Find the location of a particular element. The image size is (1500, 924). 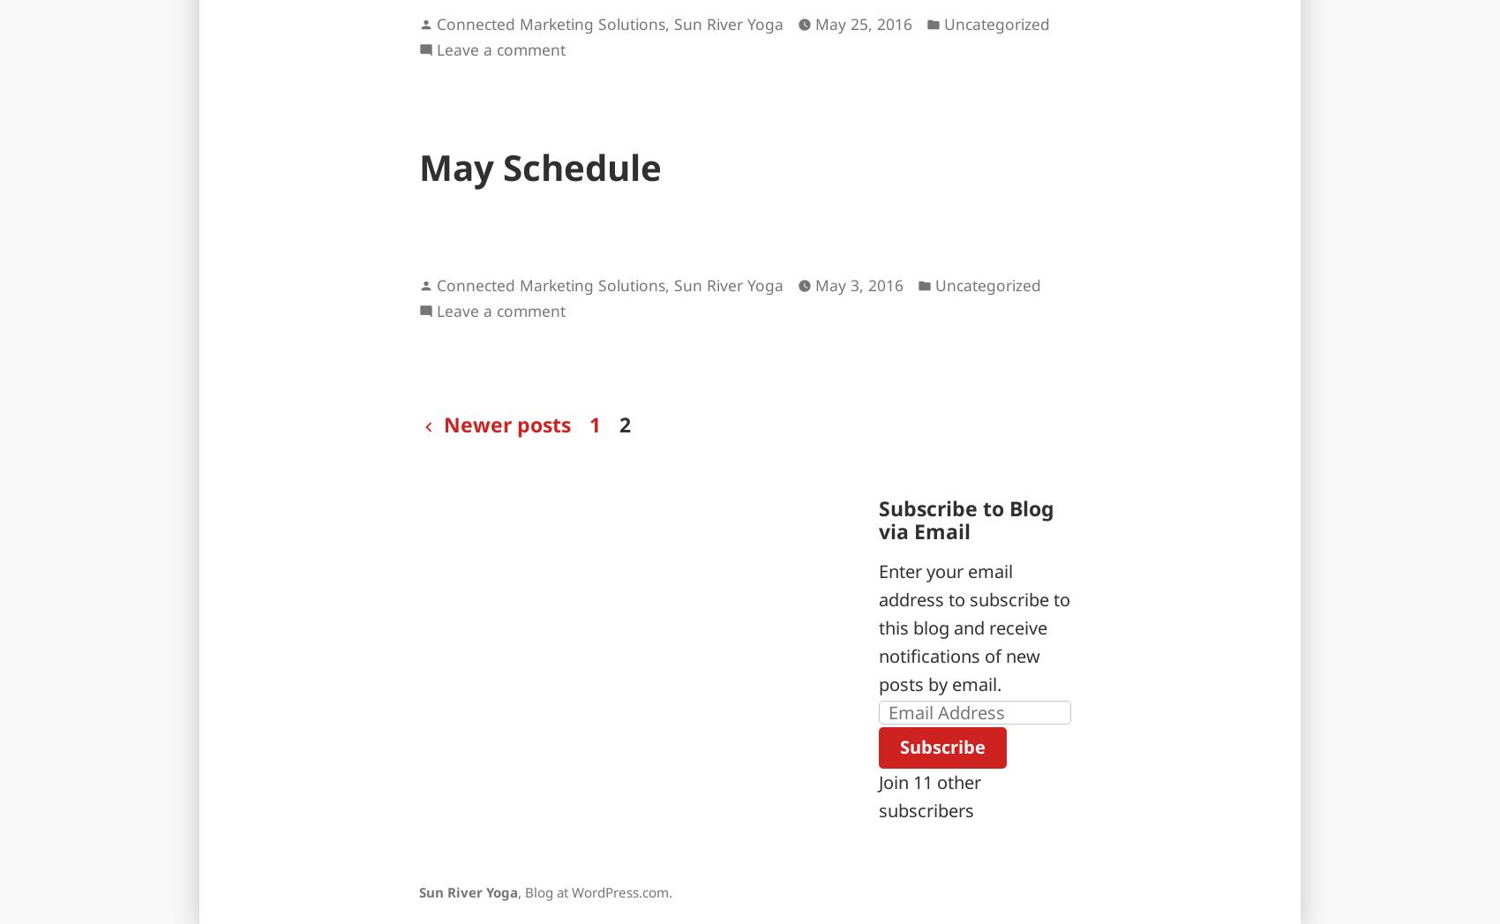

'May 25, 2016' is located at coordinates (863, 23).